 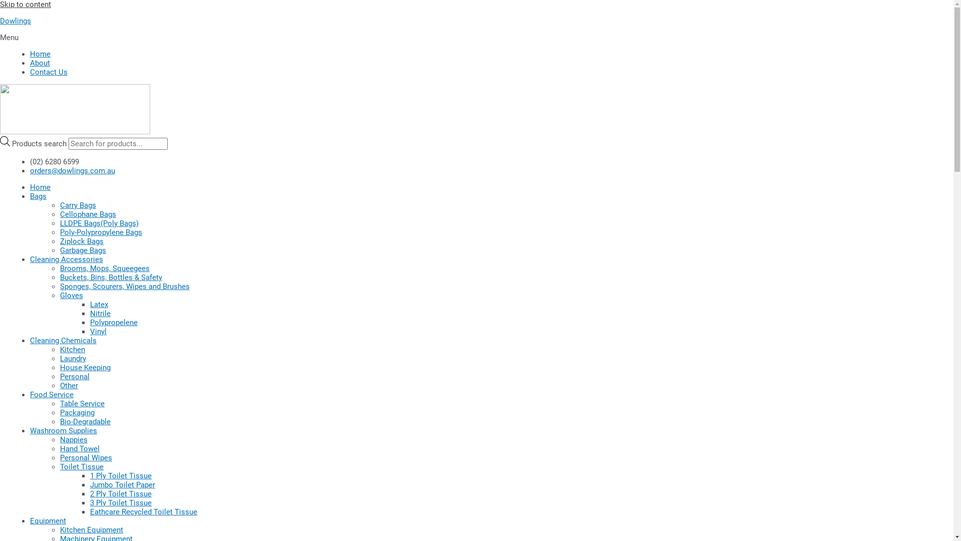 I want to click on 'Skip to content', so click(x=26, y=4).